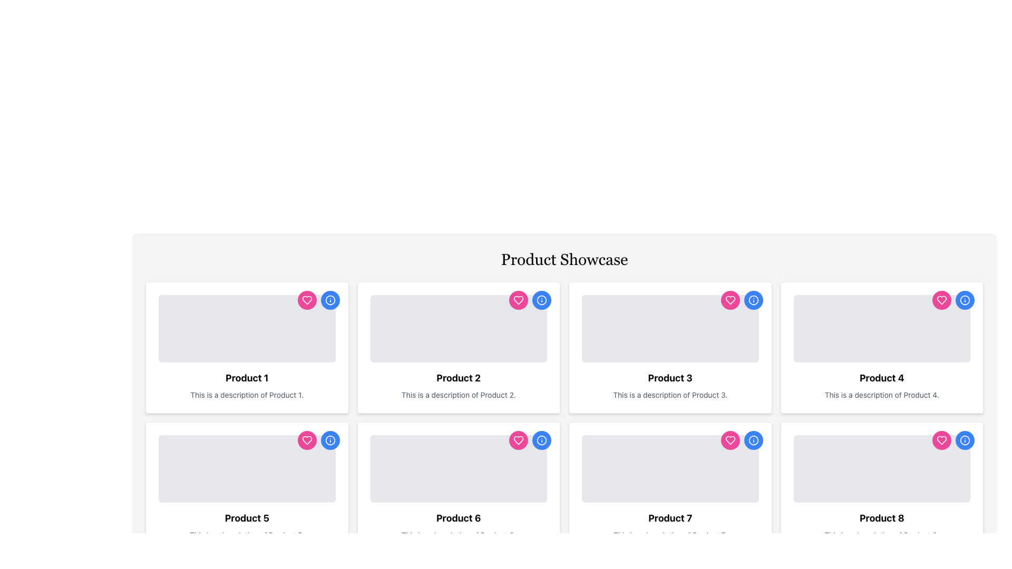 The height and width of the screenshot is (569, 1012). Describe the element at coordinates (729, 300) in the screenshot. I see `the leftmost icon button in the top-right corner of 'Product 3'` at that location.